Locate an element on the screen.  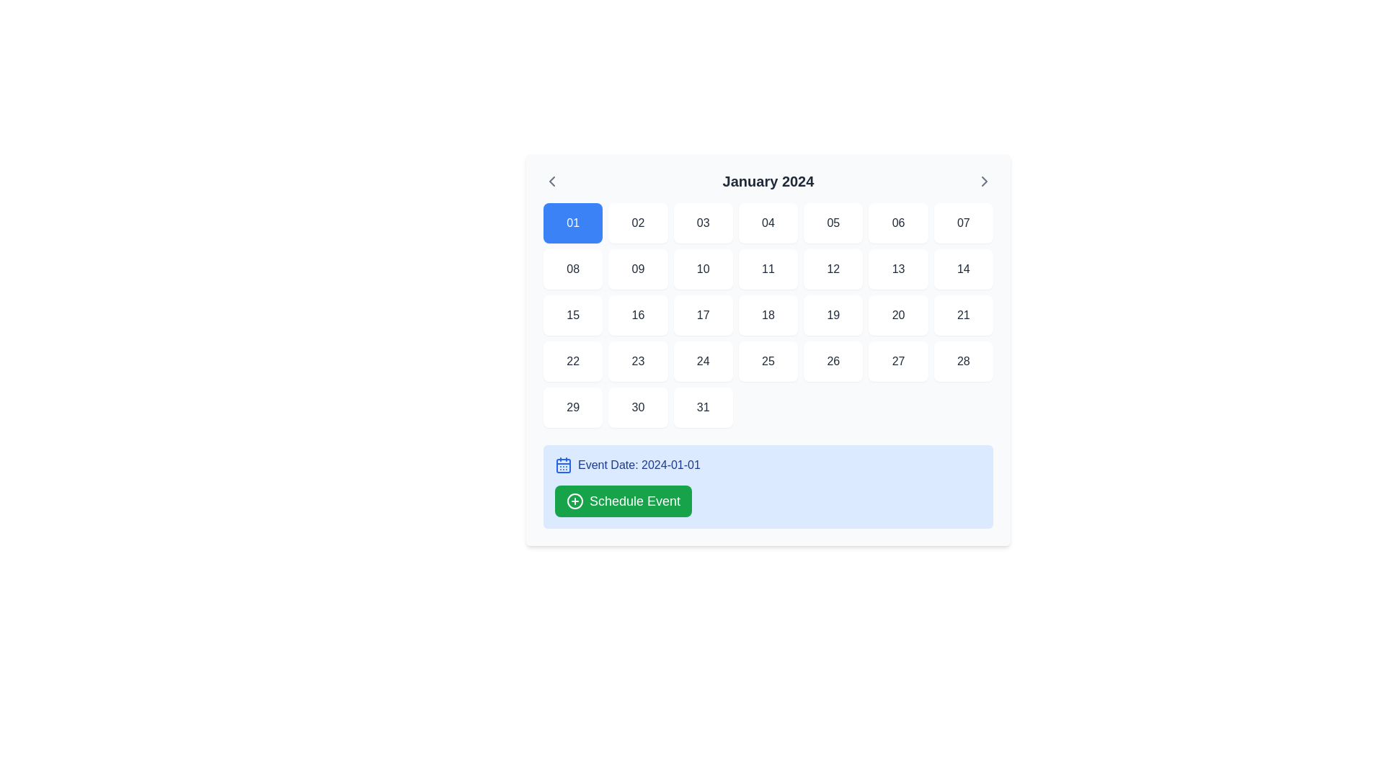
the right-pointing gray arrow icon, which is styled with the text-gray-500 class is located at coordinates (983, 180).